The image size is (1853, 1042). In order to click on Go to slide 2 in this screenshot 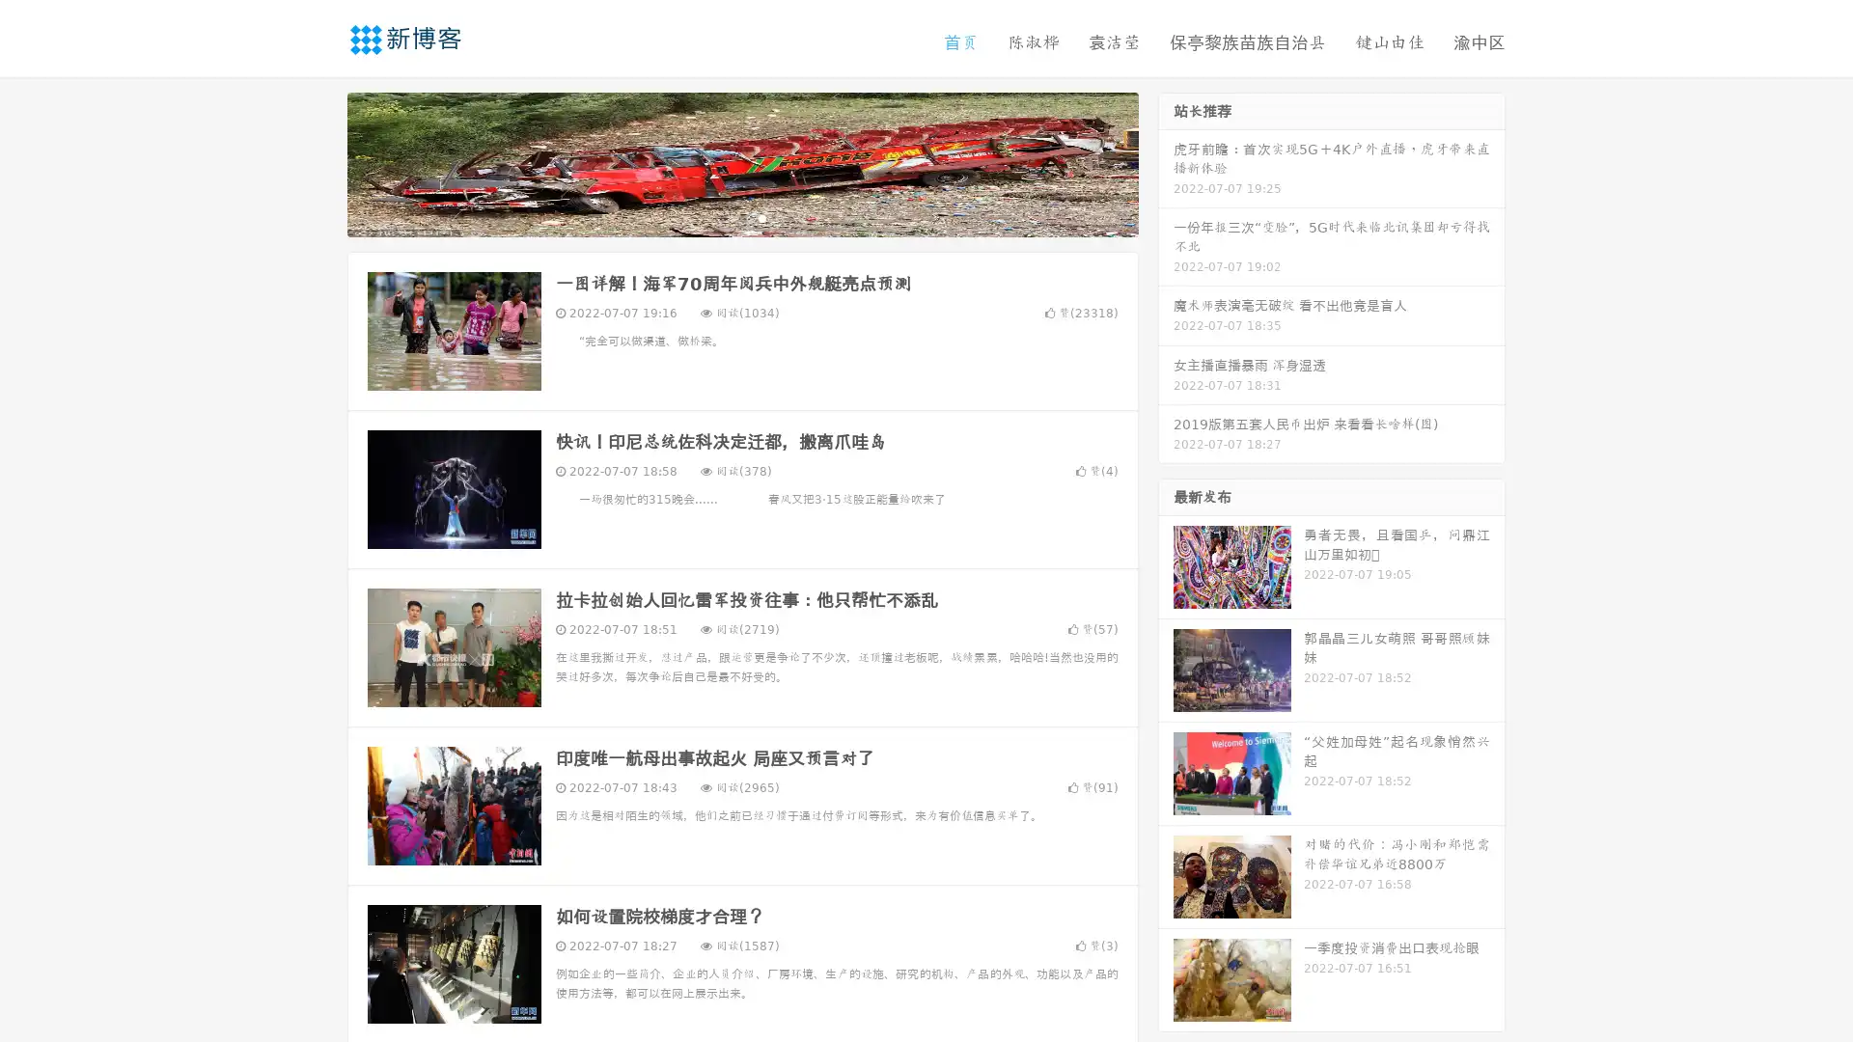, I will do `click(741, 217)`.